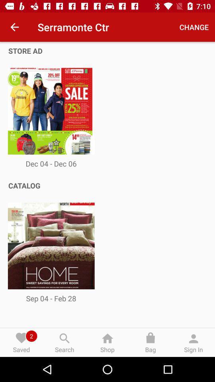 The image size is (215, 382). I want to click on icon to the right of serramonte ctr, so click(193, 27).